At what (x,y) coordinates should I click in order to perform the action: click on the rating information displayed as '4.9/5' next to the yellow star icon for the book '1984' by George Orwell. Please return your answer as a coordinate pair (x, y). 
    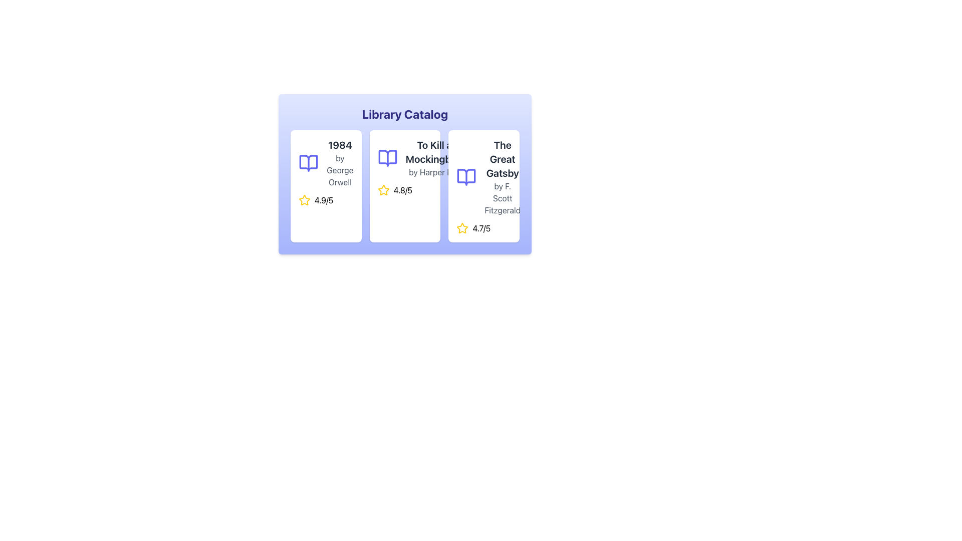
    Looking at the image, I should click on (326, 200).